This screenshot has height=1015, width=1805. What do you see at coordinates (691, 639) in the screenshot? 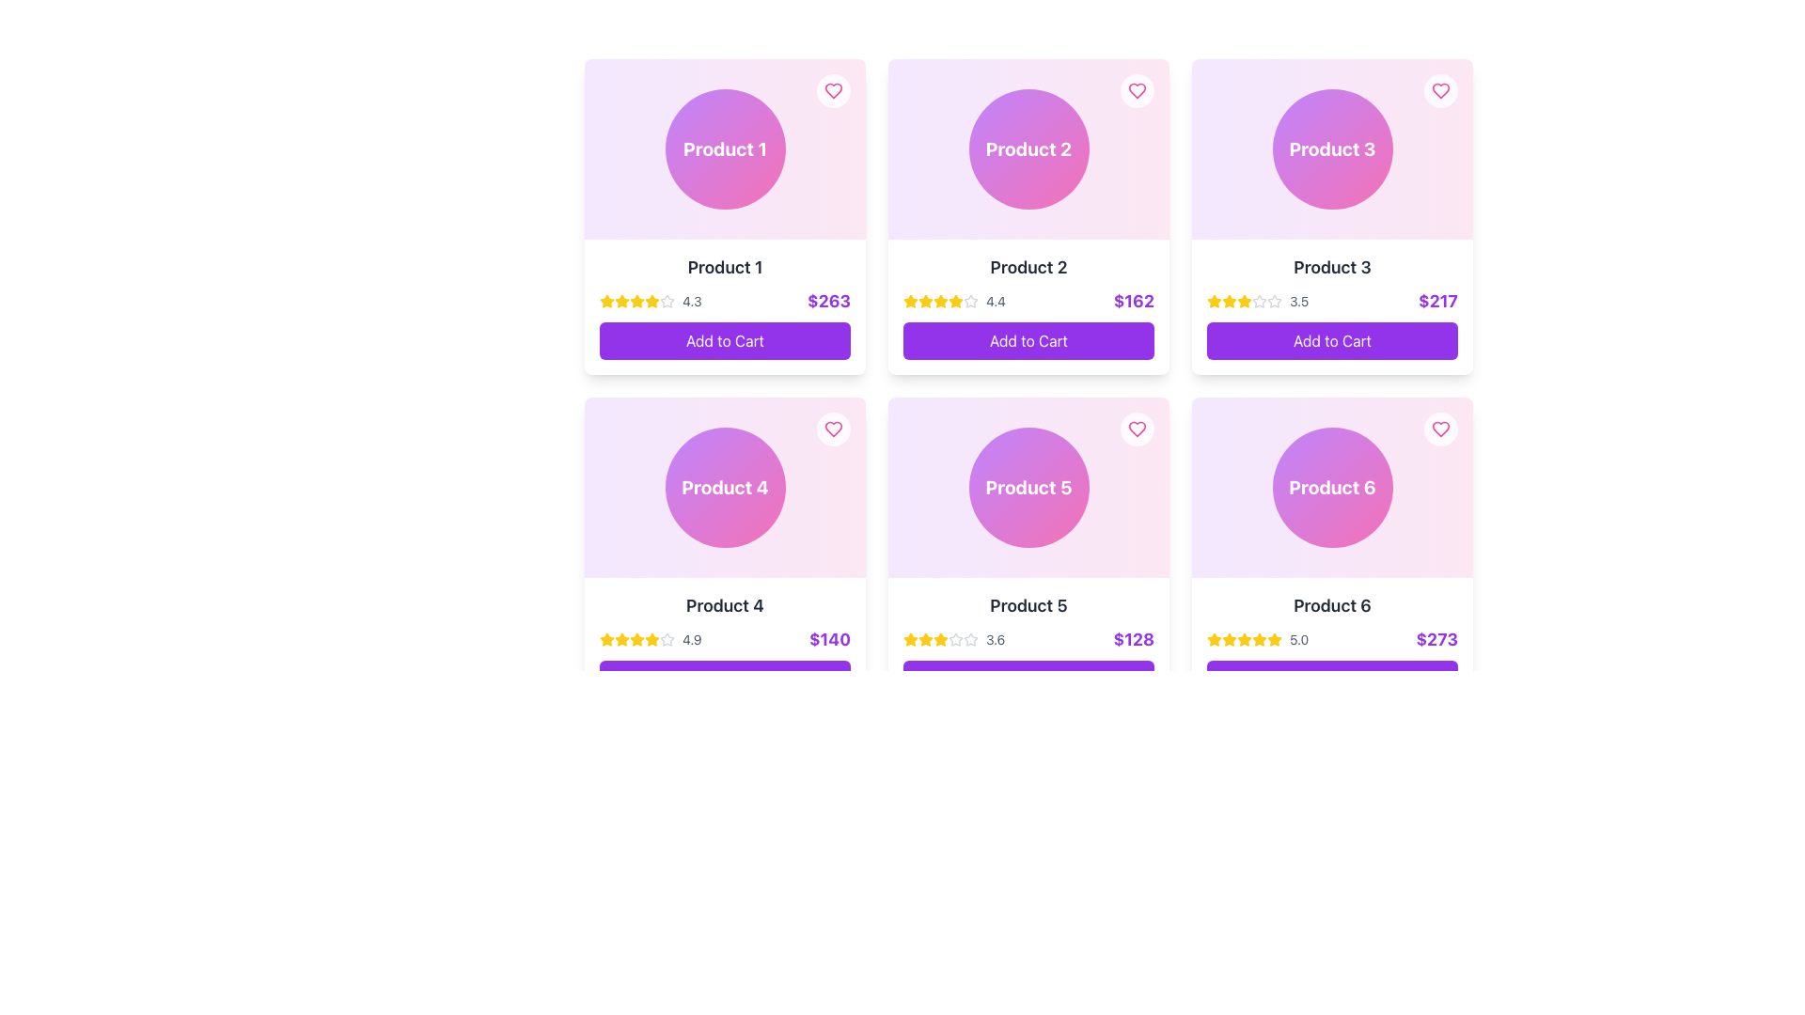
I see `the numerical rating text display located in the rating row of the card labeled 'Product 6', which is situated to the right of five yellow stars and one gray star` at bounding box center [691, 639].